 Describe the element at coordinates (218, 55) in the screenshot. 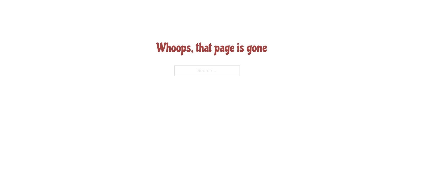

I see `'Father & Mother’s of Litters'` at that location.